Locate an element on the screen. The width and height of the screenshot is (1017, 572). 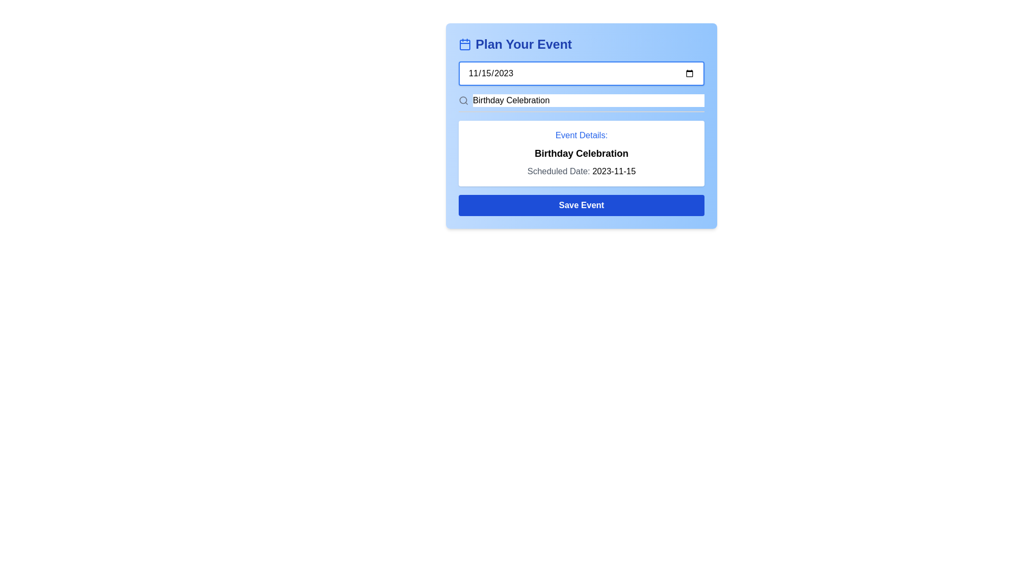
the gray magnifying glass icon located to the left of the 'Birthday Celebration' text input field to initiate a search is located at coordinates (463, 100).